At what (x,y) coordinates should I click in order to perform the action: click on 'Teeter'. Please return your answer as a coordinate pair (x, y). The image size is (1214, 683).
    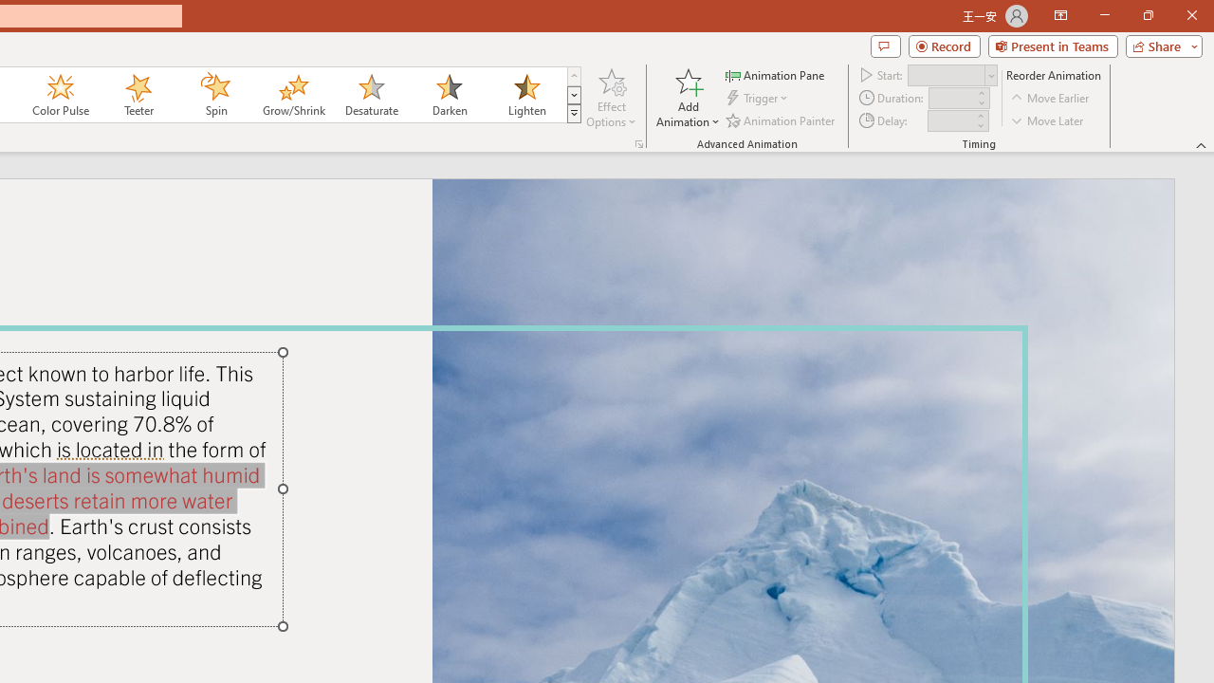
    Looking at the image, I should click on (137, 95).